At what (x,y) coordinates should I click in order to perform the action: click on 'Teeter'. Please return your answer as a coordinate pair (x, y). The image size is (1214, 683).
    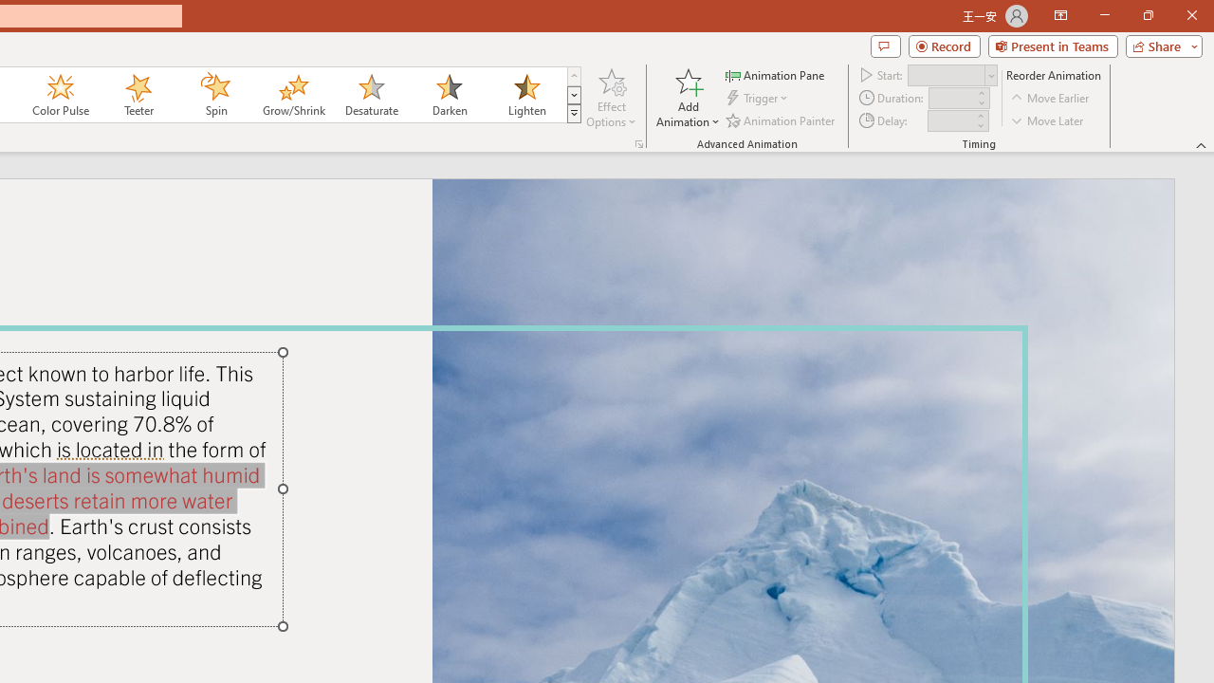
    Looking at the image, I should click on (137, 95).